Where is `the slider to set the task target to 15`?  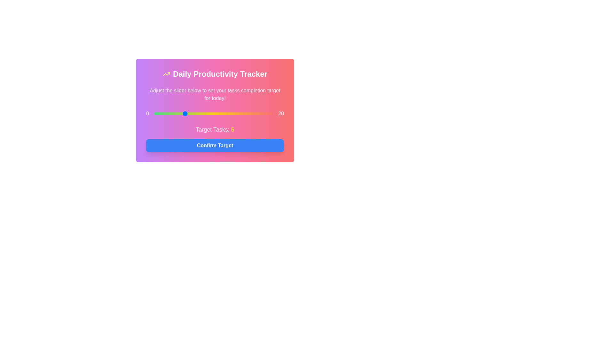
the slider to set the task target to 15 is located at coordinates (243, 113).